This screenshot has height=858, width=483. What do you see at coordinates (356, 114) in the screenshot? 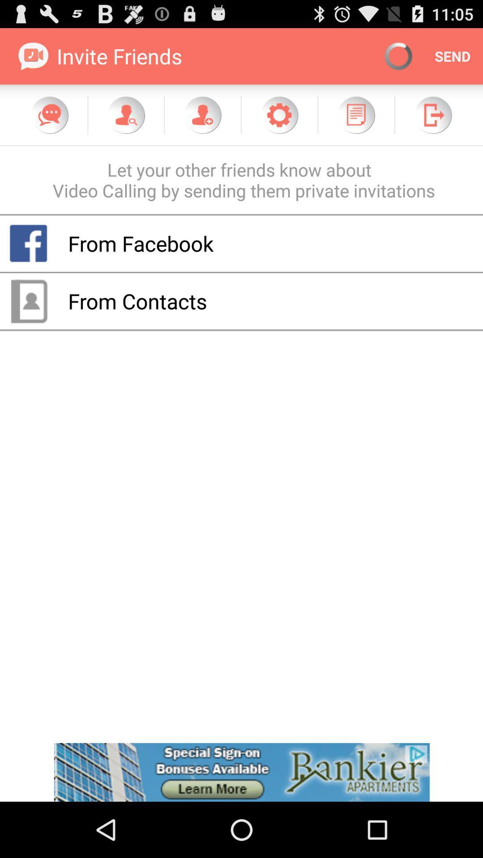
I see `notepad option` at bounding box center [356, 114].